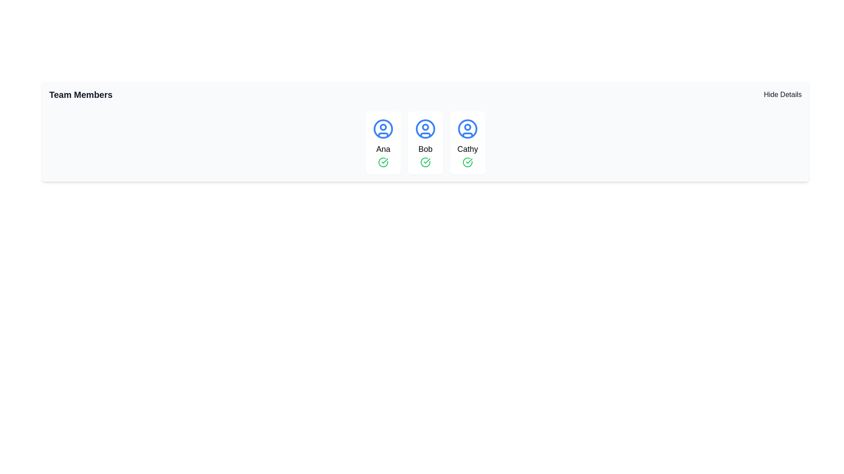  What do you see at coordinates (383, 129) in the screenshot?
I see `the user identification icon representing 'Ana'` at bounding box center [383, 129].